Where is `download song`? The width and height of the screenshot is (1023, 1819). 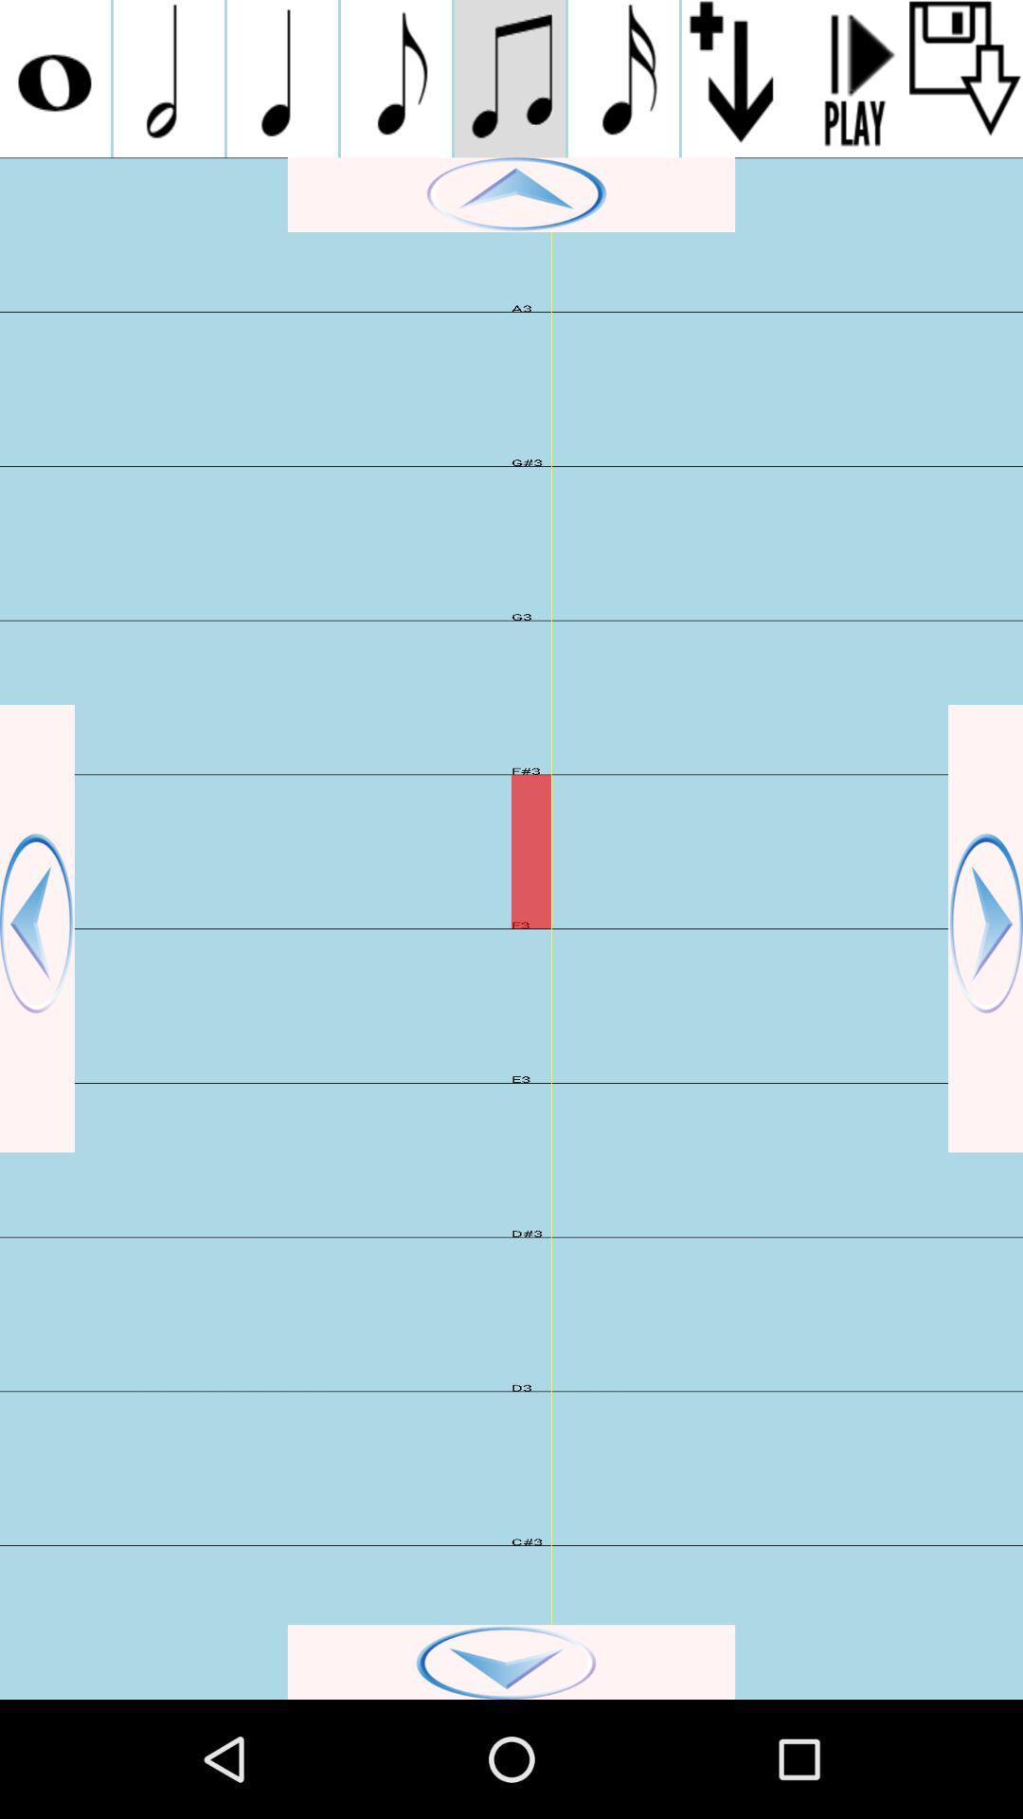 download song is located at coordinates (737, 78).